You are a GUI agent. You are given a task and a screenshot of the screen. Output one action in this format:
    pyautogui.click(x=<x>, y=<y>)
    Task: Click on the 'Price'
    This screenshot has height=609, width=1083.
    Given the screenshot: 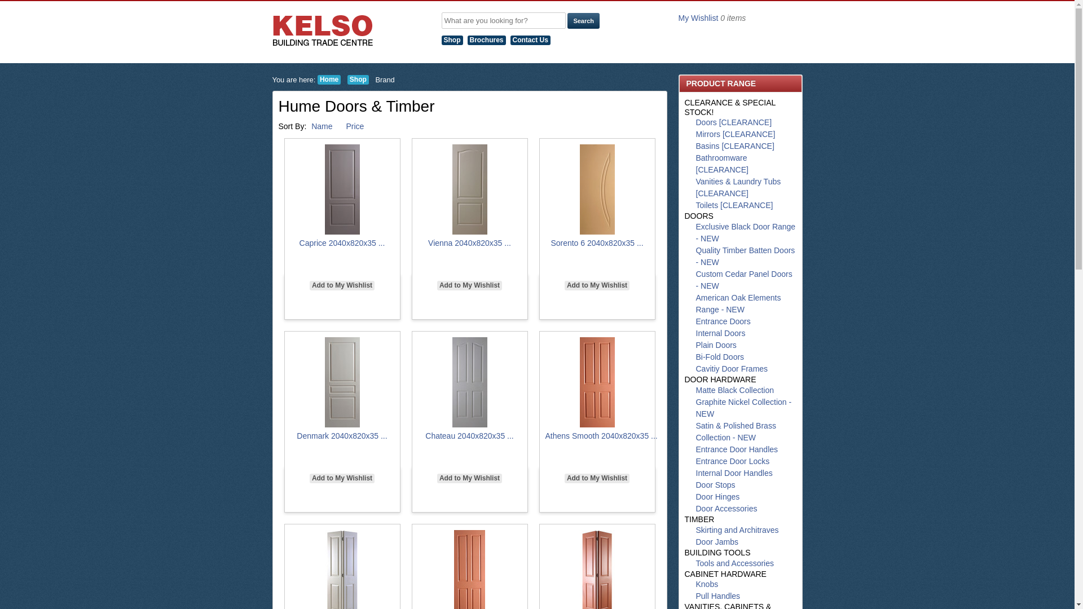 What is the action you would take?
    pyautogui.click(x=345, y=126)
    